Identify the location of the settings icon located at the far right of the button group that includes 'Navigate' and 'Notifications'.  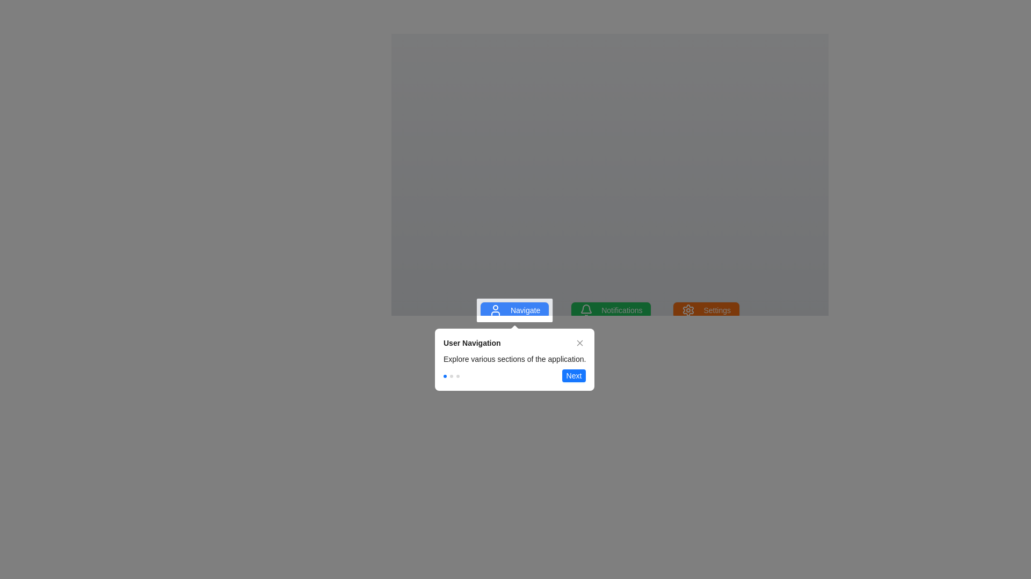
(688, 310).